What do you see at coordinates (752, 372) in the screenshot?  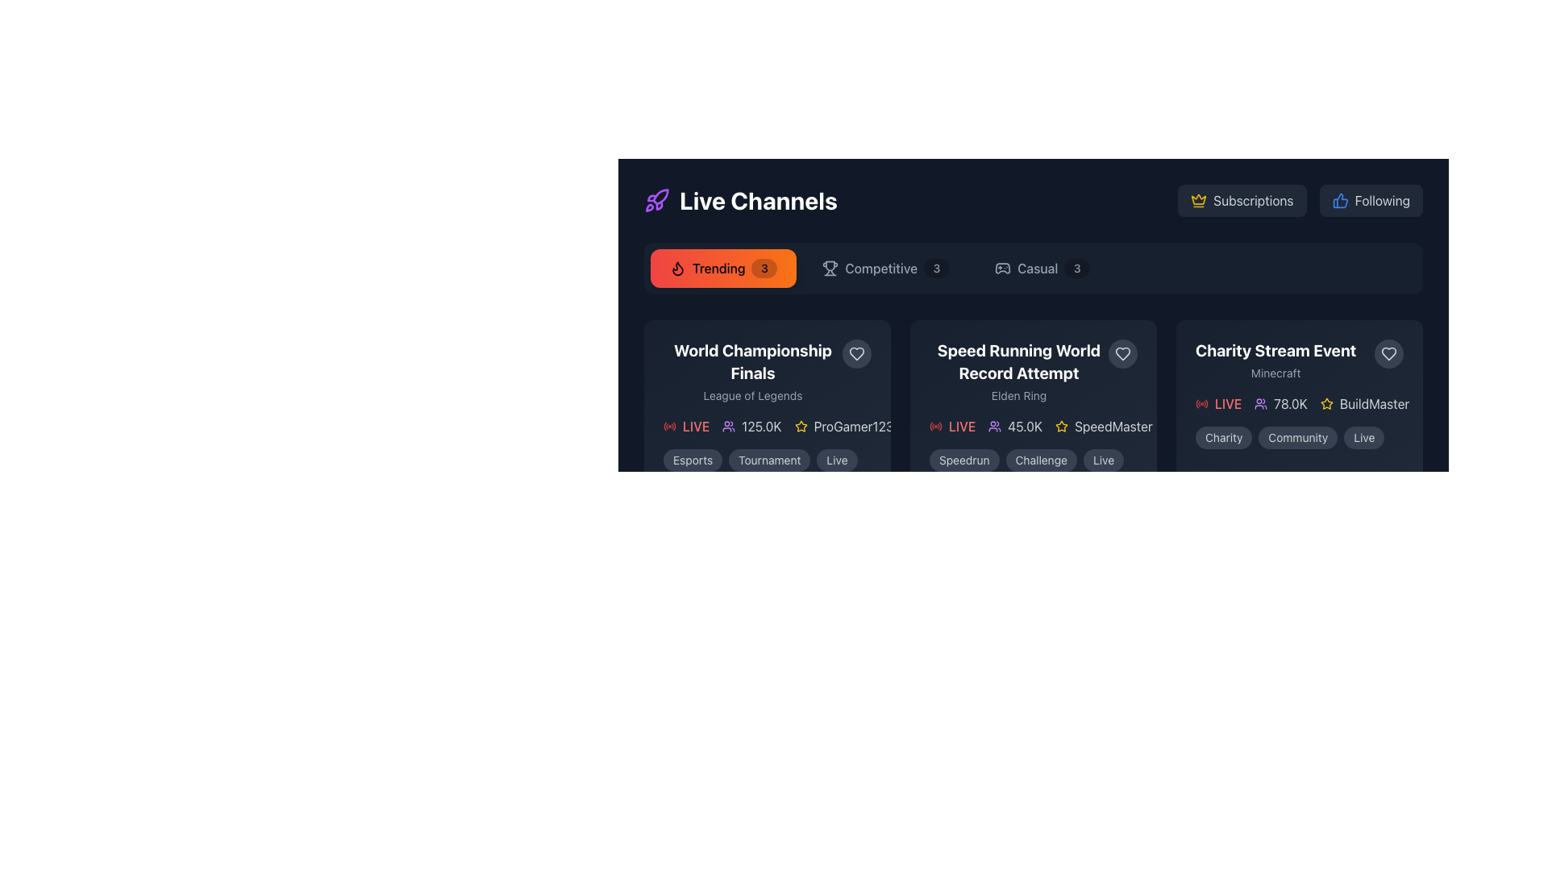 I see `the text block displaying 'World Championship Finals' and 'League of Legends'` at bounding box center [752, 372].